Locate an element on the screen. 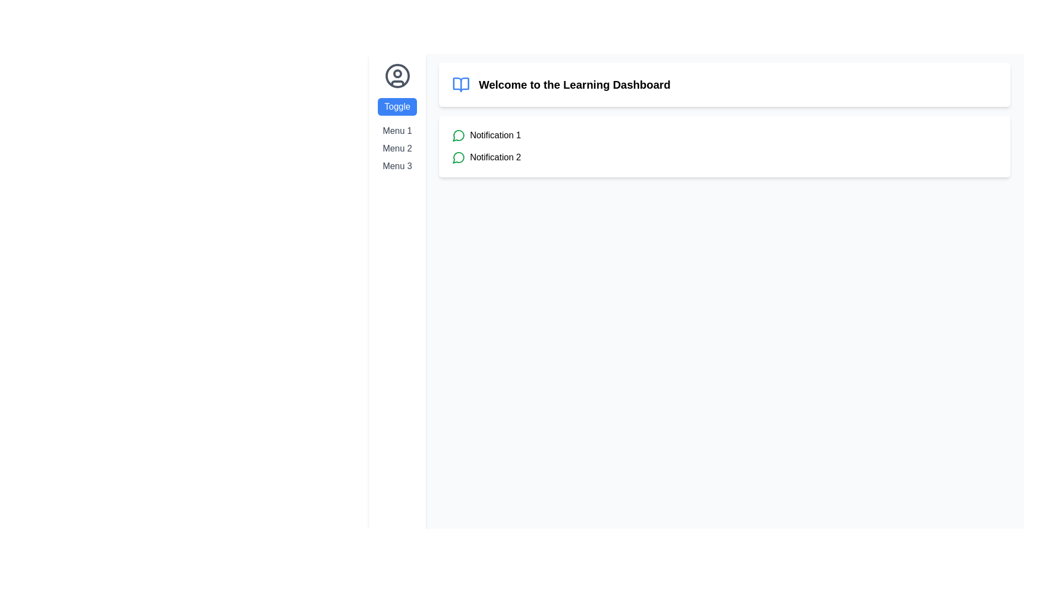 The width and height of the screenshot is (1059, 595). the toggle button in the profile menu group located at the top center of the white rectangular card in the left side panel is located at coordinates (397, 117).